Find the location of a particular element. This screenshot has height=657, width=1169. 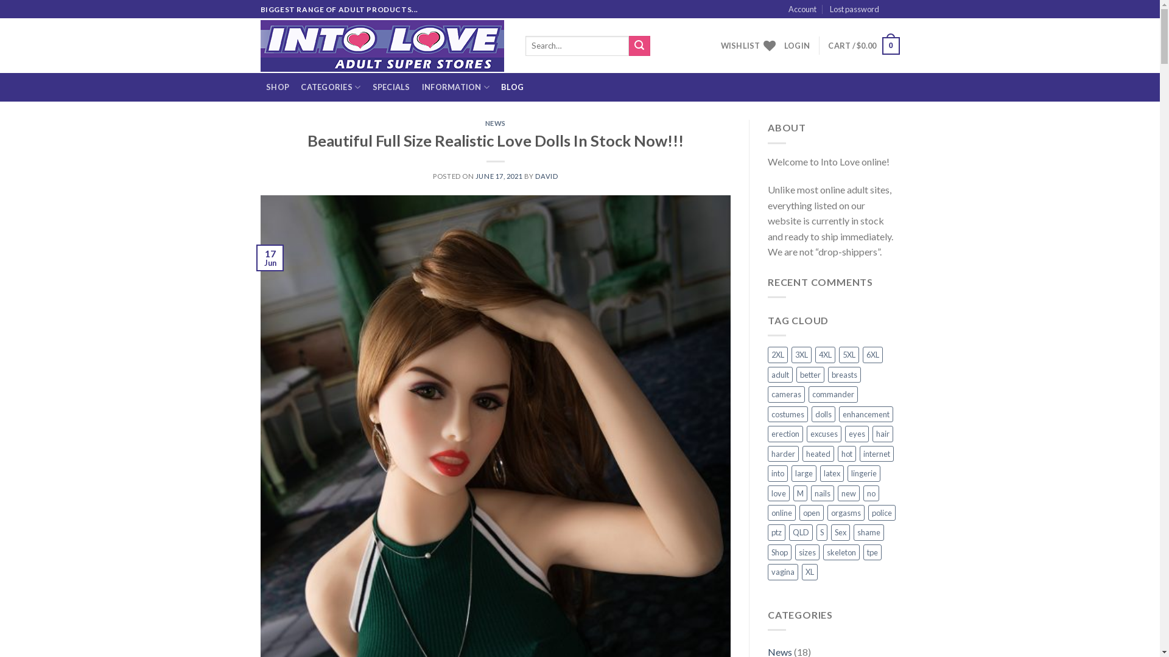

'shame' is located at coordinates (868, 532).